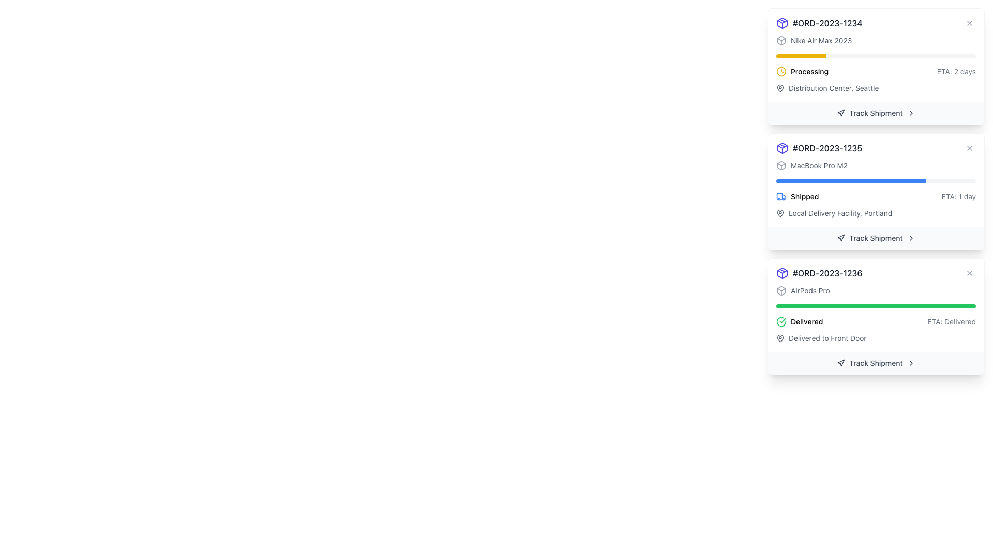 The width and height of the screenshot is (993, 558). I want to click on the status label indicating successful delivery, so click(806, 321).